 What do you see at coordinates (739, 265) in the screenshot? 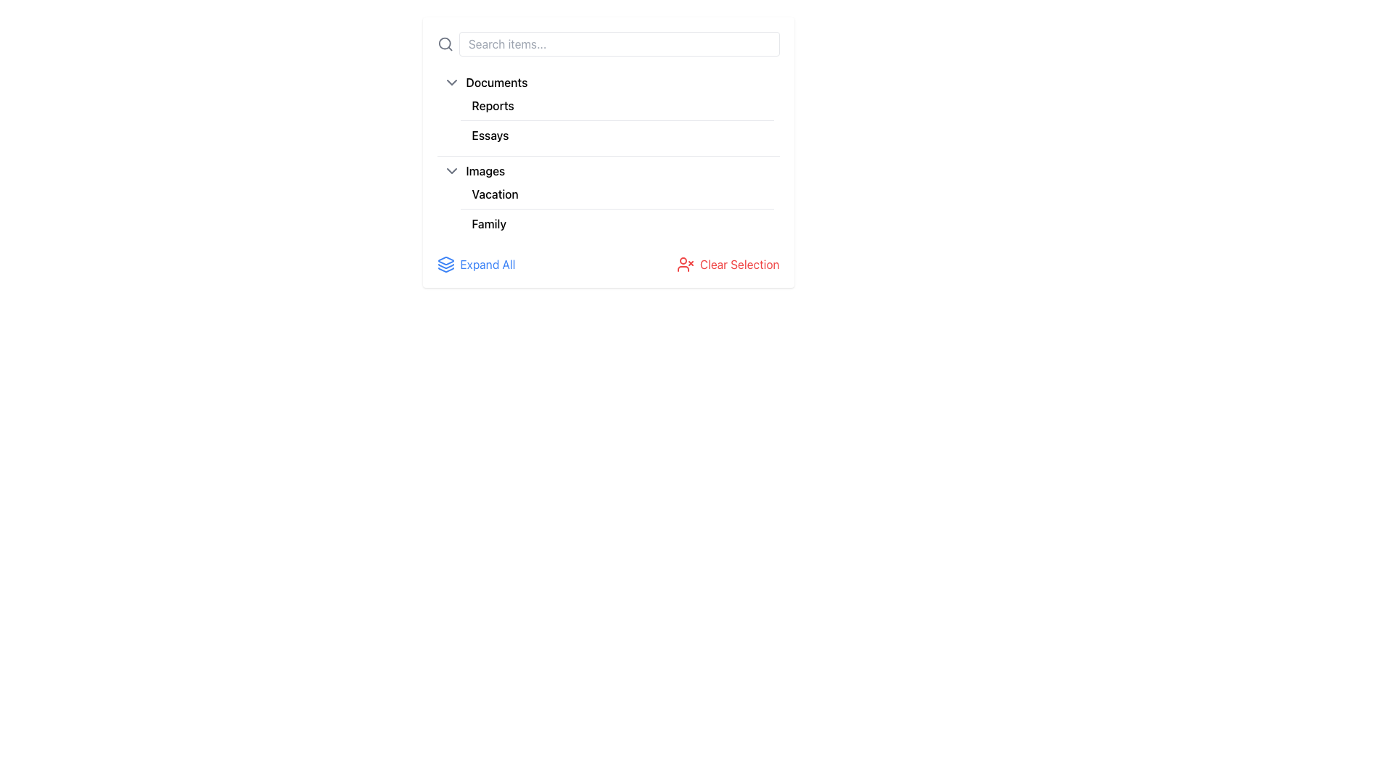
I see `the 'Clear Selection' text label, which is styled in bold sans-serif font and colored red, located at the bottom right of the sidebar panel` at bounding box center [739, 265].